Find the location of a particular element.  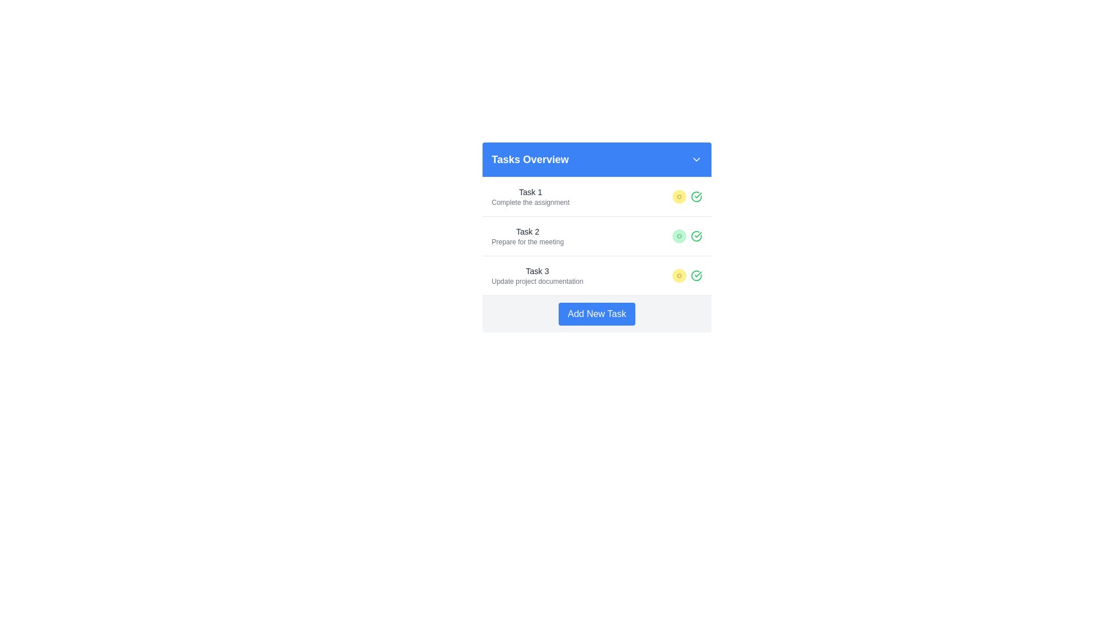

the text label 'Task 2' which serves as the title for the associated task is located at coordinates (527, 232).